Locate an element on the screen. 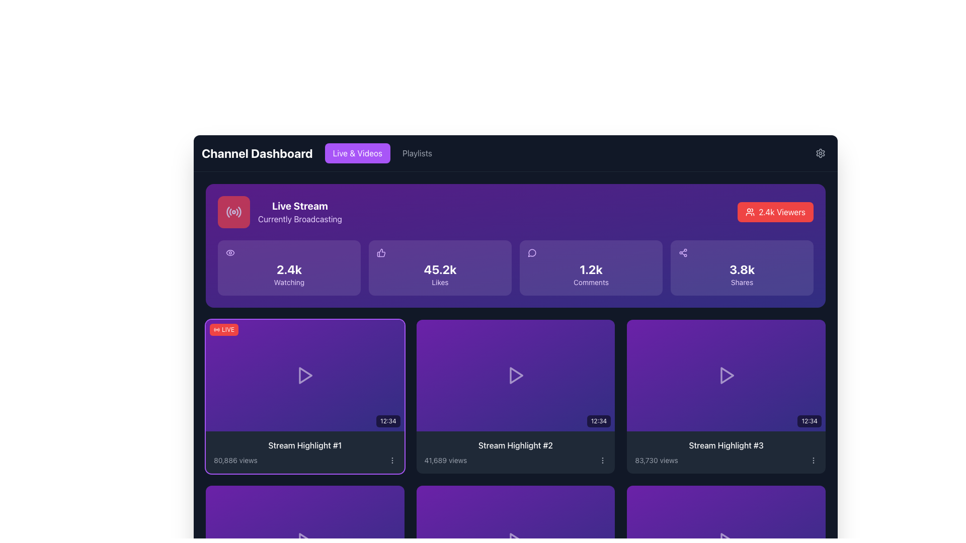 The height and width of the screenshot is (543, 966). the Information card displaying the count of likes, which is the second card from the left in the first row of a four-column grid is located at coordinates (440, 267).